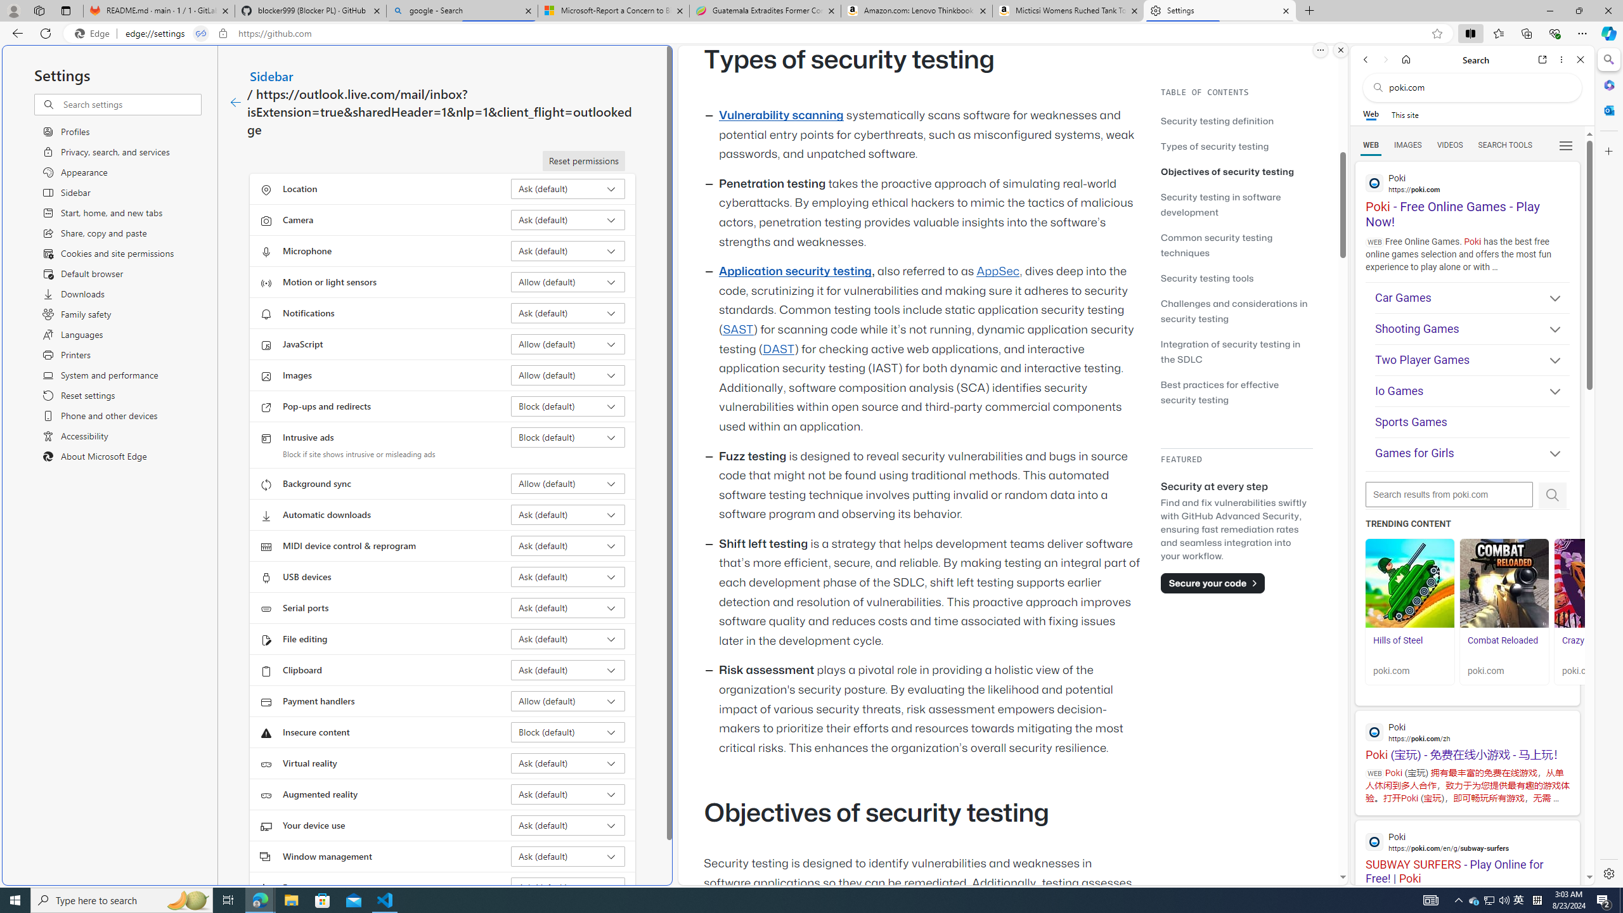 This screenshot has height=913, width=1623. What do you see at coordinates (568, 794) in the screenshot?
I see `'Augmented reality Ask (default)'` at bounding box center [568, 794].